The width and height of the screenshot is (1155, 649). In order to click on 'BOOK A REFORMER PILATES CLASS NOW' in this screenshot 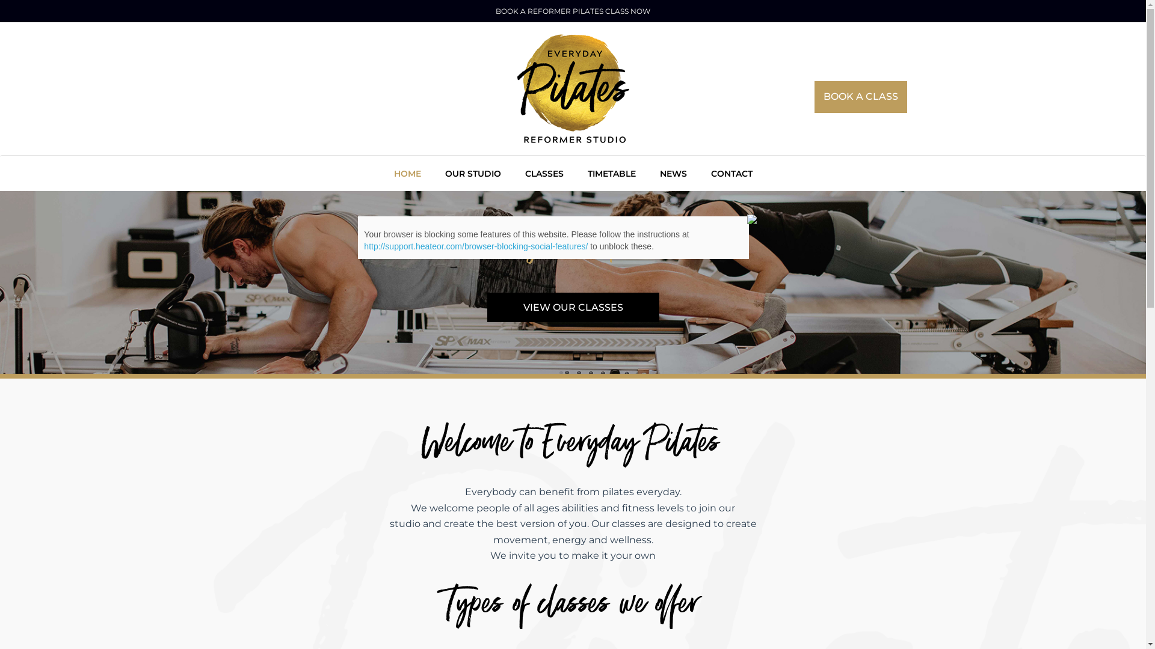, I will do `click(572, 11)`.